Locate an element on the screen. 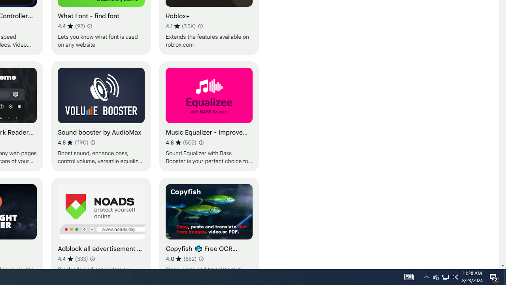 The image size is (506, 285). 'Learn more about results and reviews "What Font - find font"' is located at coordinates (89, 25).